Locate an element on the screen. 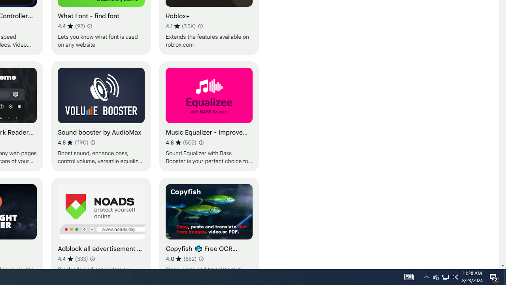 The image size is (506, 285). 'Learn more about results and reviews "What Font - find font"' is located at coordinates (89, 25).